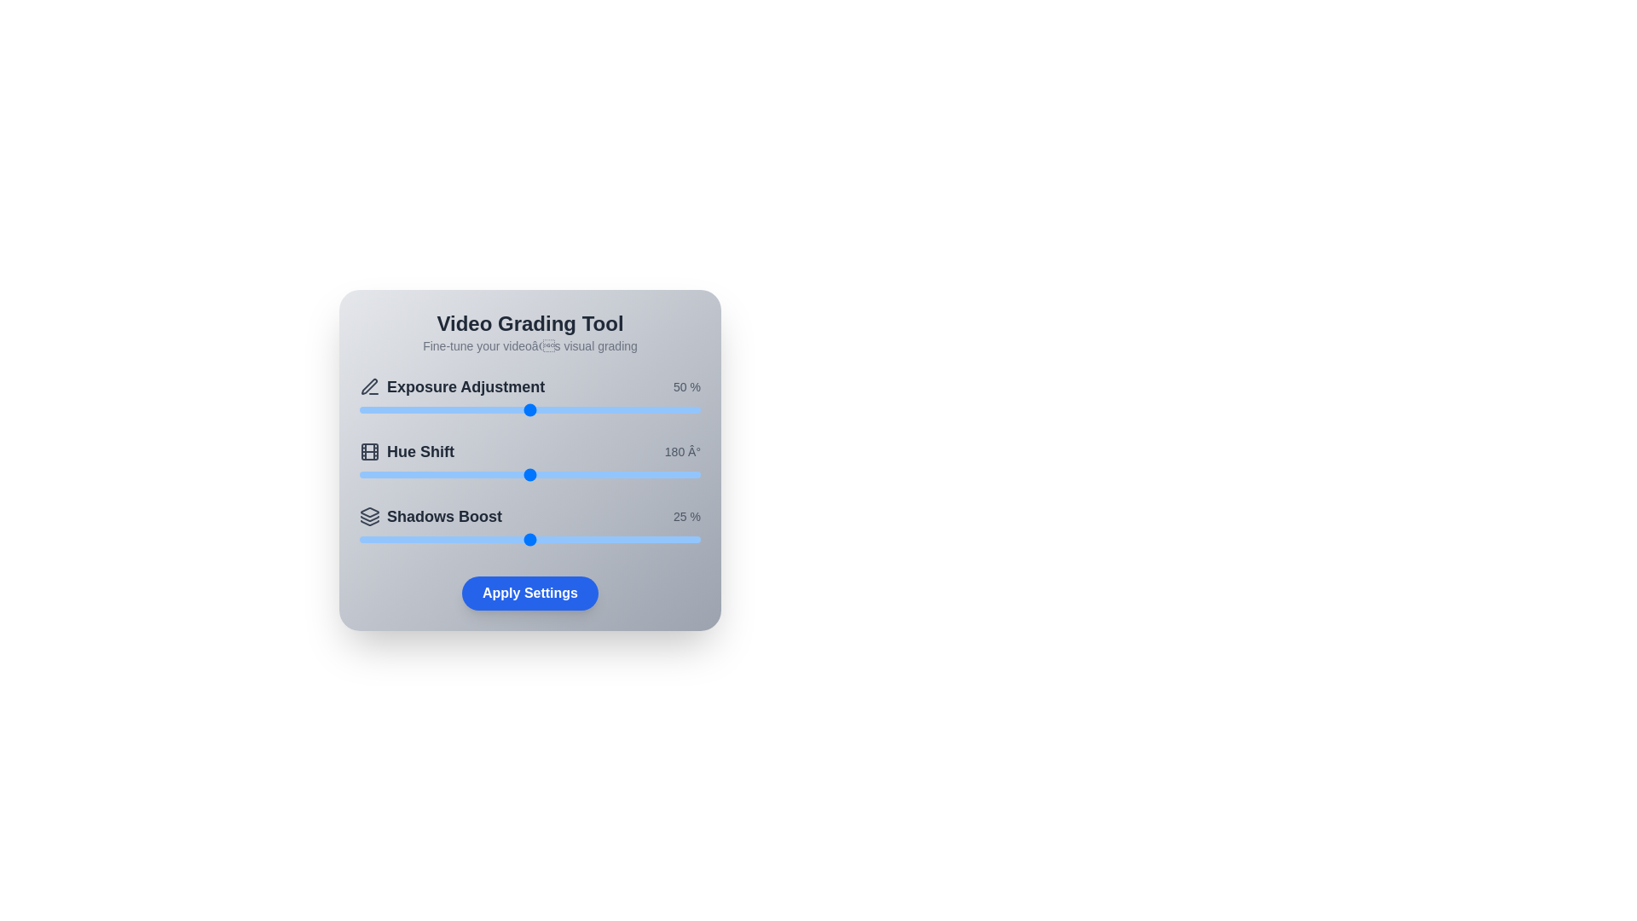 This screenshot has height=921, width=1637. What do you see at coordinates (368, 512) in the screenshot?
I see `the first icon in a vertically stacked group of three icons, which serves as a visual indicator for layers or stacking functions` at bounding box center [368, 512].